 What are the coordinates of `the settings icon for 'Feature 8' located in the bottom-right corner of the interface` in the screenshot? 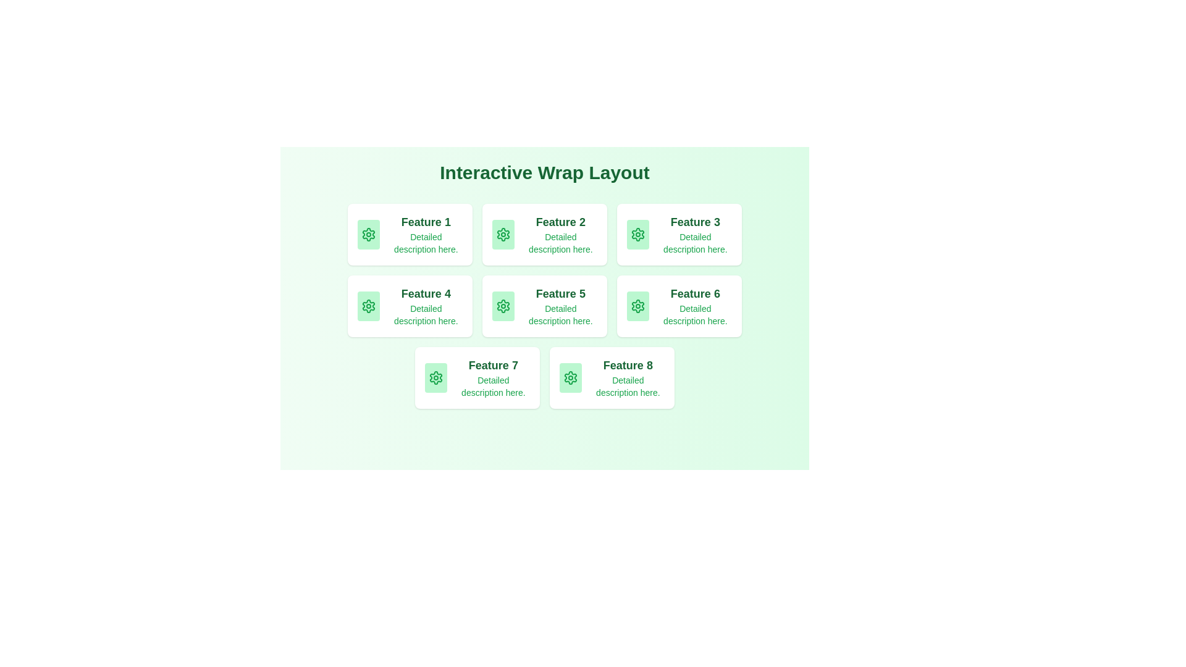 It's located at (570, 377).